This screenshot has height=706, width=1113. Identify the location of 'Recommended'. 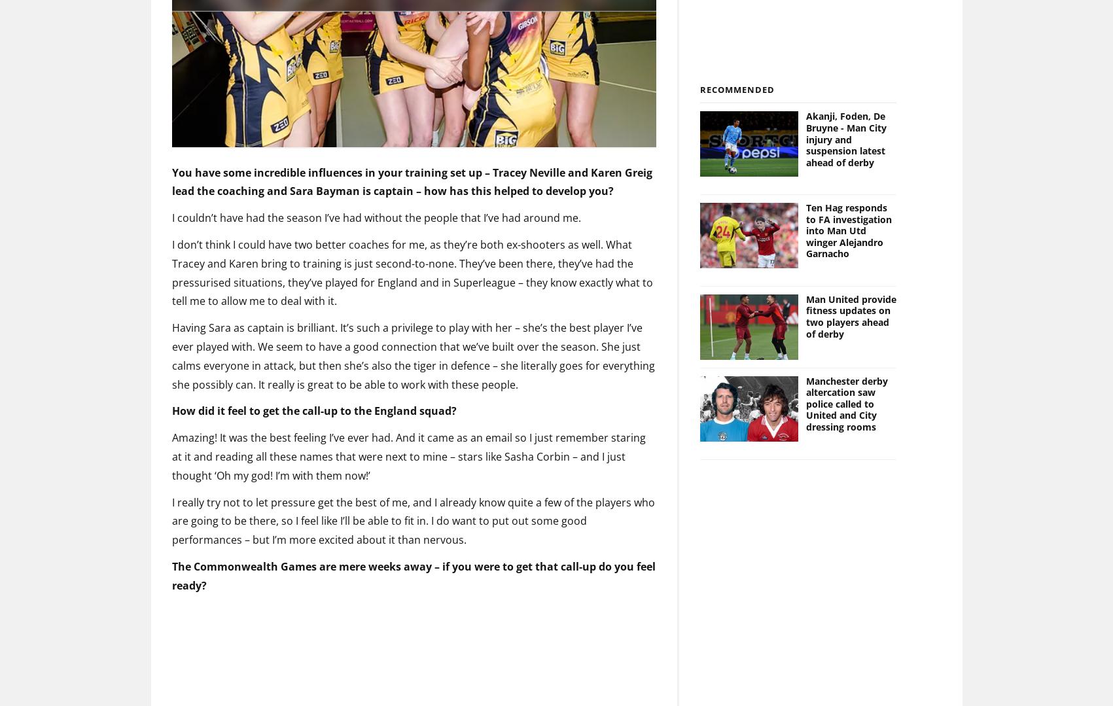
(699, 68).